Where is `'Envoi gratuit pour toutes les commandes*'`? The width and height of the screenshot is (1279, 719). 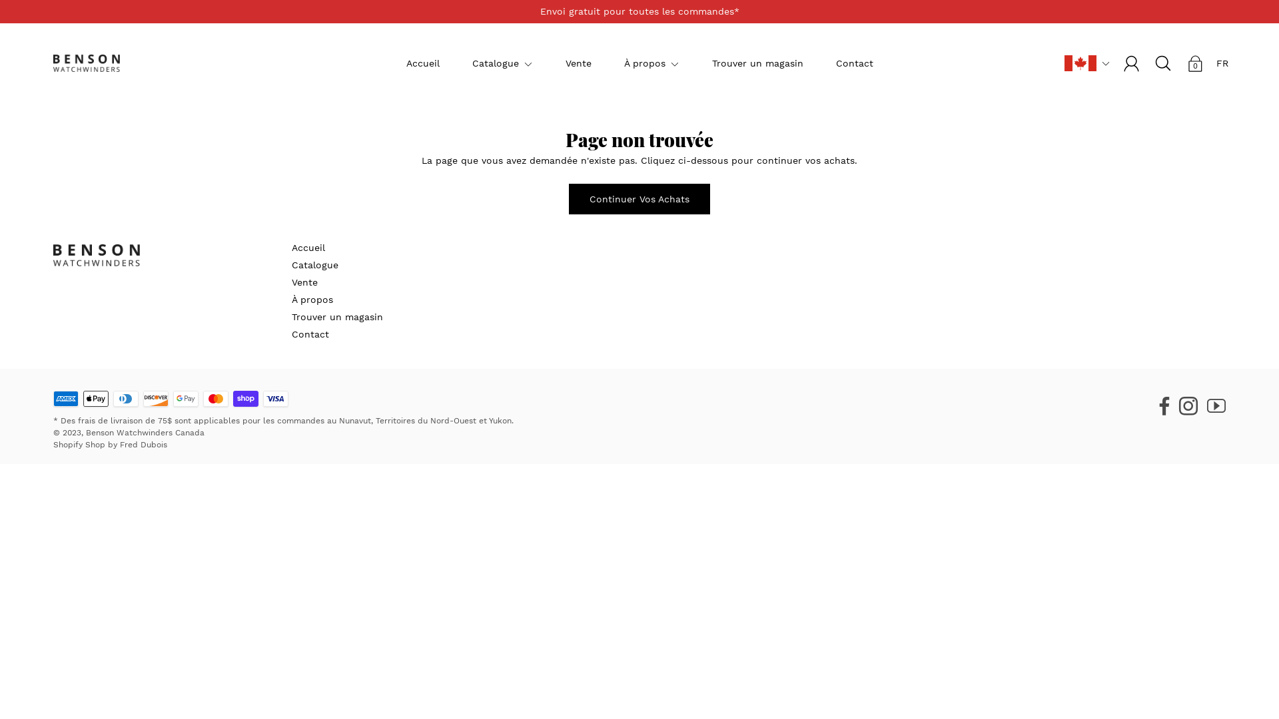 'Envoi gratuit pour toutes les commandes*' is located at coordinates (639, 11).